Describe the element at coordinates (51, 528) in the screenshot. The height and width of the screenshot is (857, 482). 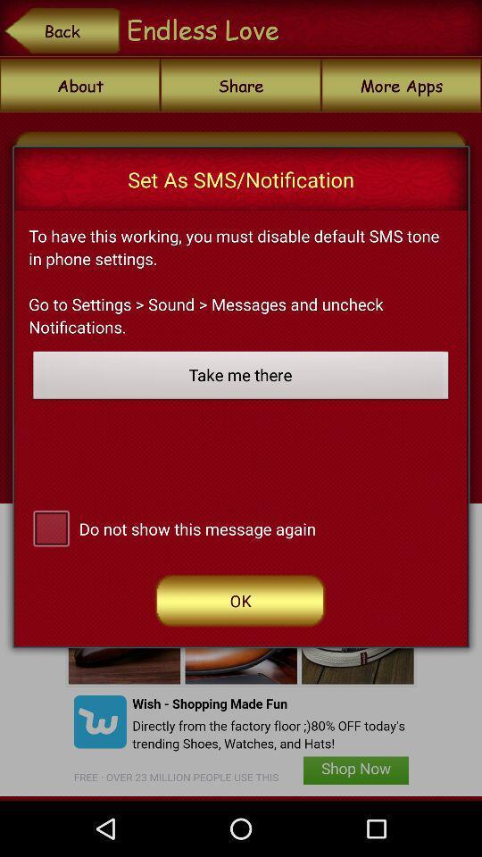
I see `switch do not show message again option` at that location.